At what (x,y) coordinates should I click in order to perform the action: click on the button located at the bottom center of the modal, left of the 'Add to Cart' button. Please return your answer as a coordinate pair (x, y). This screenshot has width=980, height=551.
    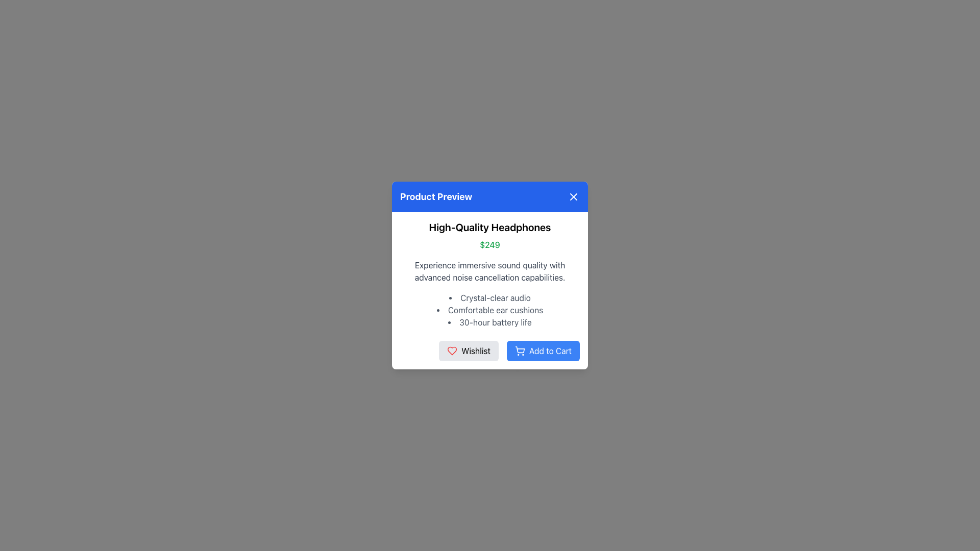
    Looking at the image, I should click on (468, 350).